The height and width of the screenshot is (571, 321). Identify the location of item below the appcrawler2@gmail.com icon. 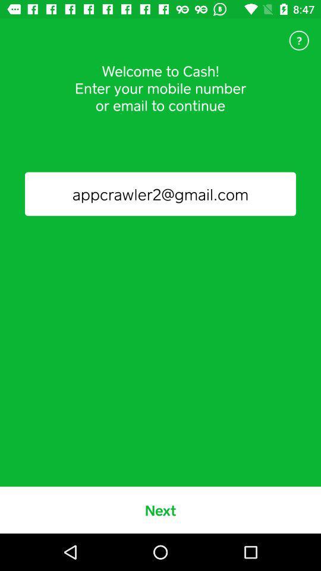
(160, 509).